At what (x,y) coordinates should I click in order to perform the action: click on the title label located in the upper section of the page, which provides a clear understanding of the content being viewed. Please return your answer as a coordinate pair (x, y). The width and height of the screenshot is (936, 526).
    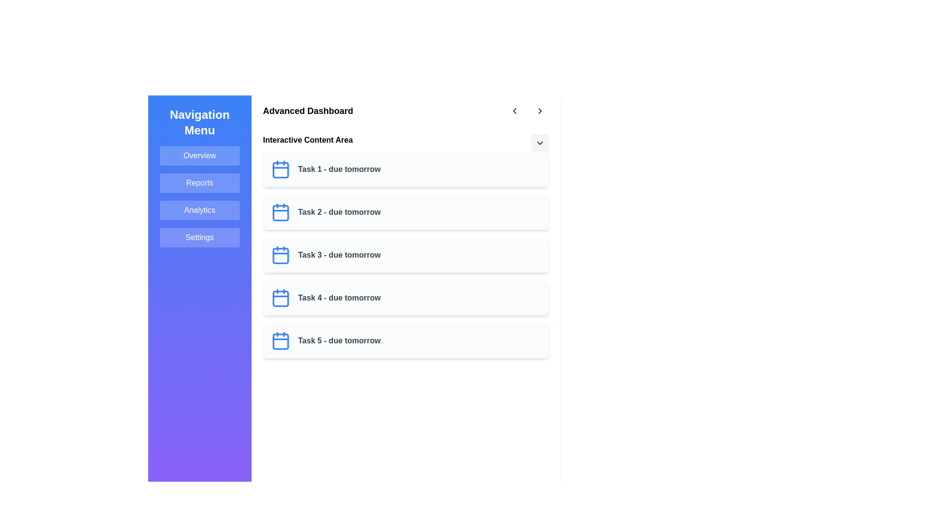
    Looking at the image, I should click on (308, 110).